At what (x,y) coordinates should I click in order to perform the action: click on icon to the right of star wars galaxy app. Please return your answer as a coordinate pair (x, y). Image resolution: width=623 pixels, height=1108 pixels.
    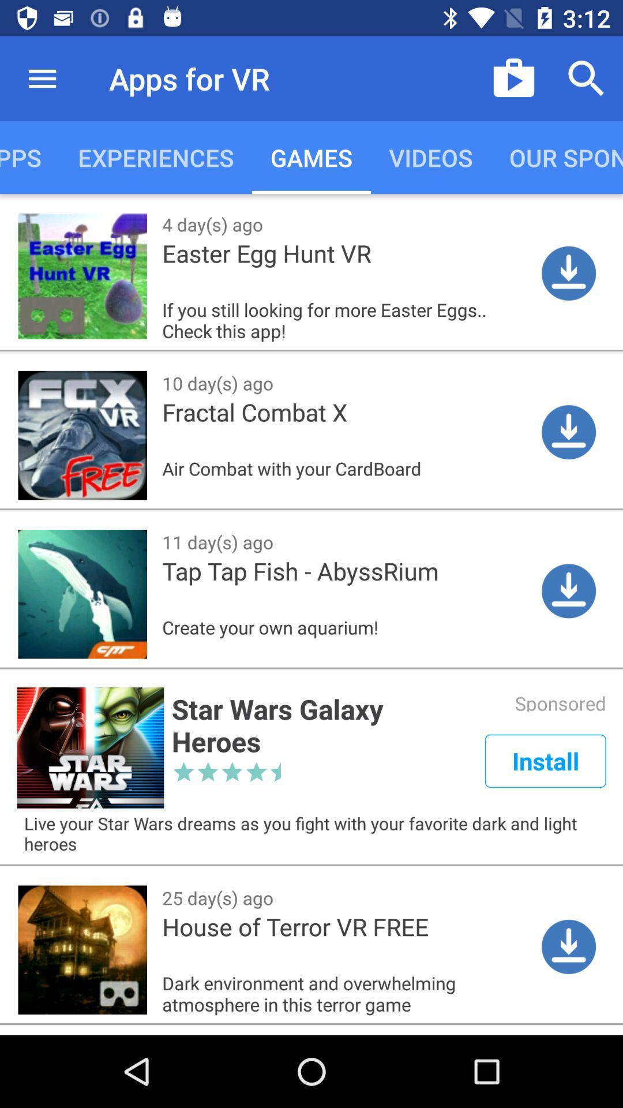
    Looking at the image, I should click on (545, 761).